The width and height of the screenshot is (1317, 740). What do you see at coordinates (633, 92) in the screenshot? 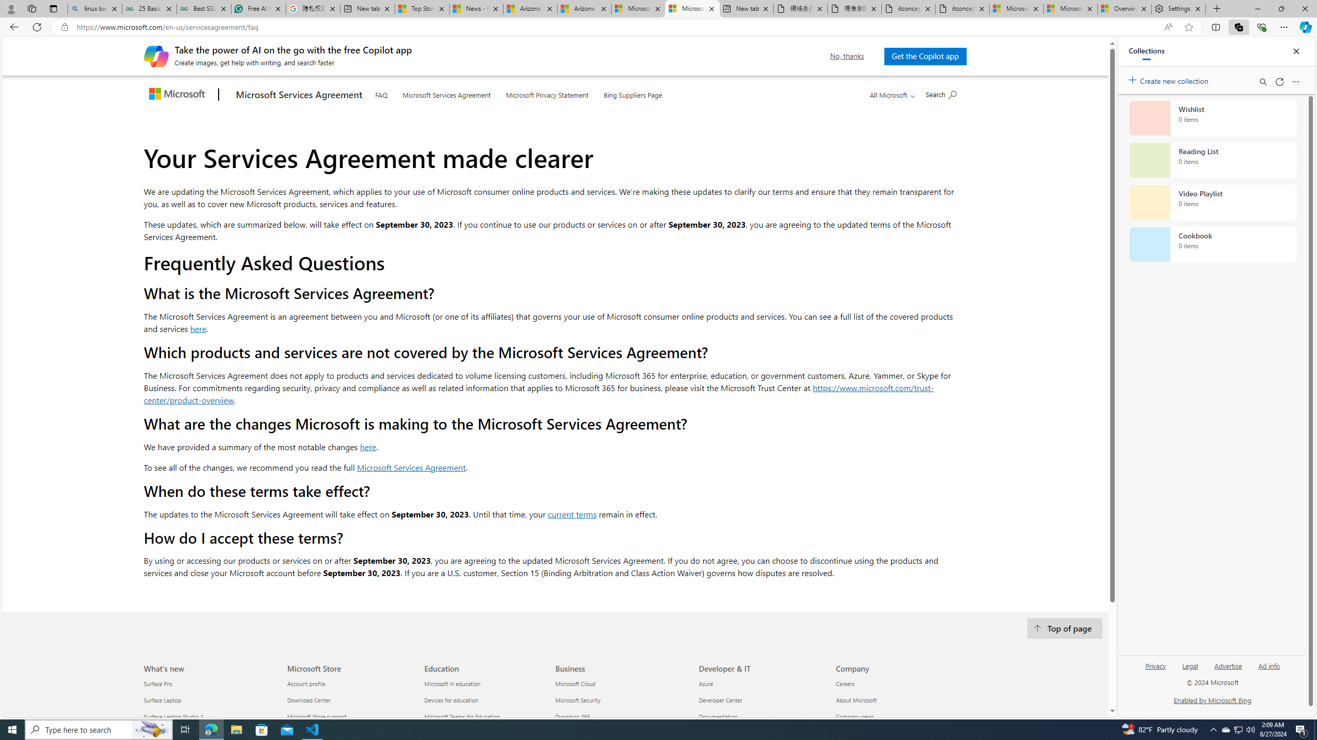
I see `'Bing Suppliers Page'` at bounding box center [633, 92].